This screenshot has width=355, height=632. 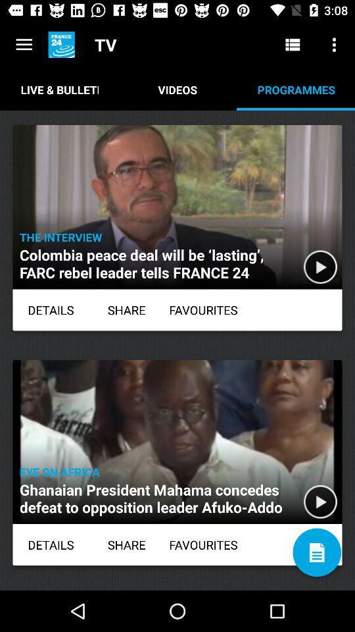 What do you see at coordinates (316, 552) in the screenshot?
I see `the description icon` at bounding box center [316, 552].